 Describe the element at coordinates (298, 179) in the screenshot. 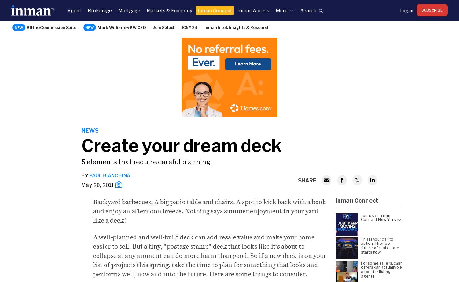

I see `'SHARE'` at that location.